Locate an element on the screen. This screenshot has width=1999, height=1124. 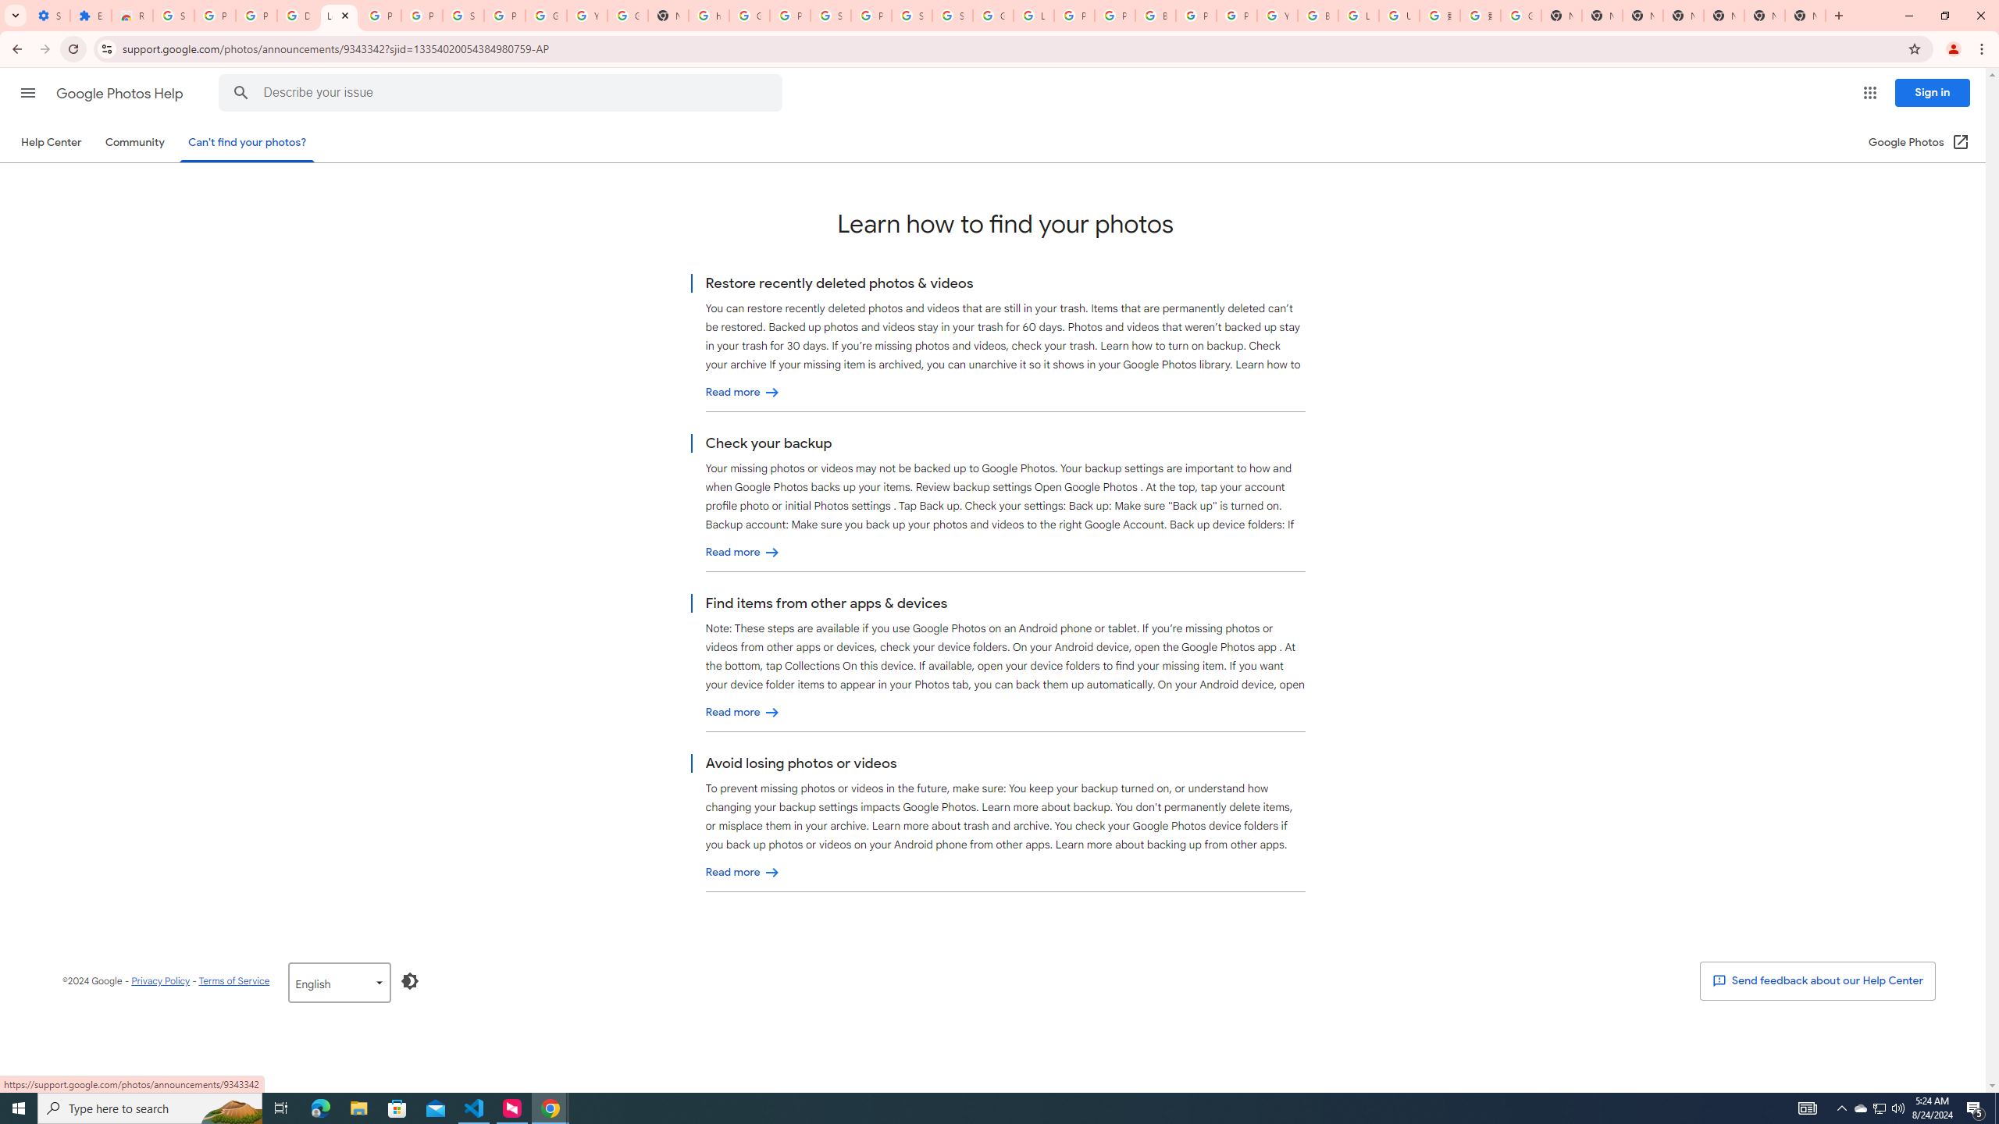
'Learn how to find your photos - Google Photos Help' is located at coordinates (340, 15).